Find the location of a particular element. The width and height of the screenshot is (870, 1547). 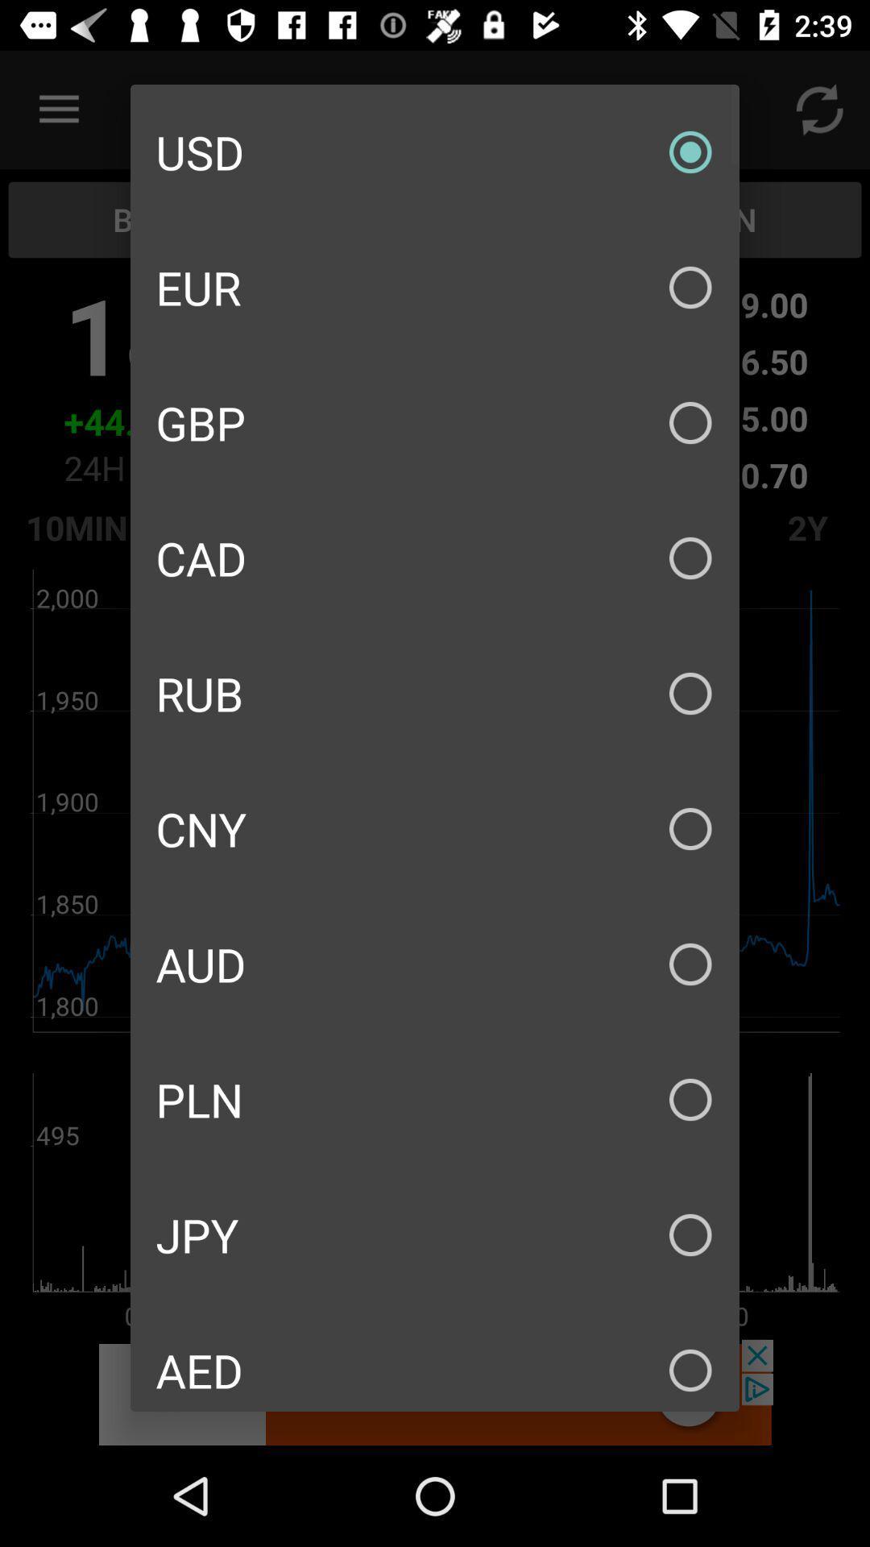

the icon below the eur item is located at coordinates (435, 422).